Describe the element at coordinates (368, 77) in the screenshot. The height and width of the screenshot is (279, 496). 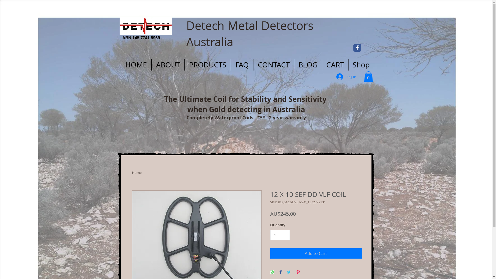
I see `'0'` at that location.